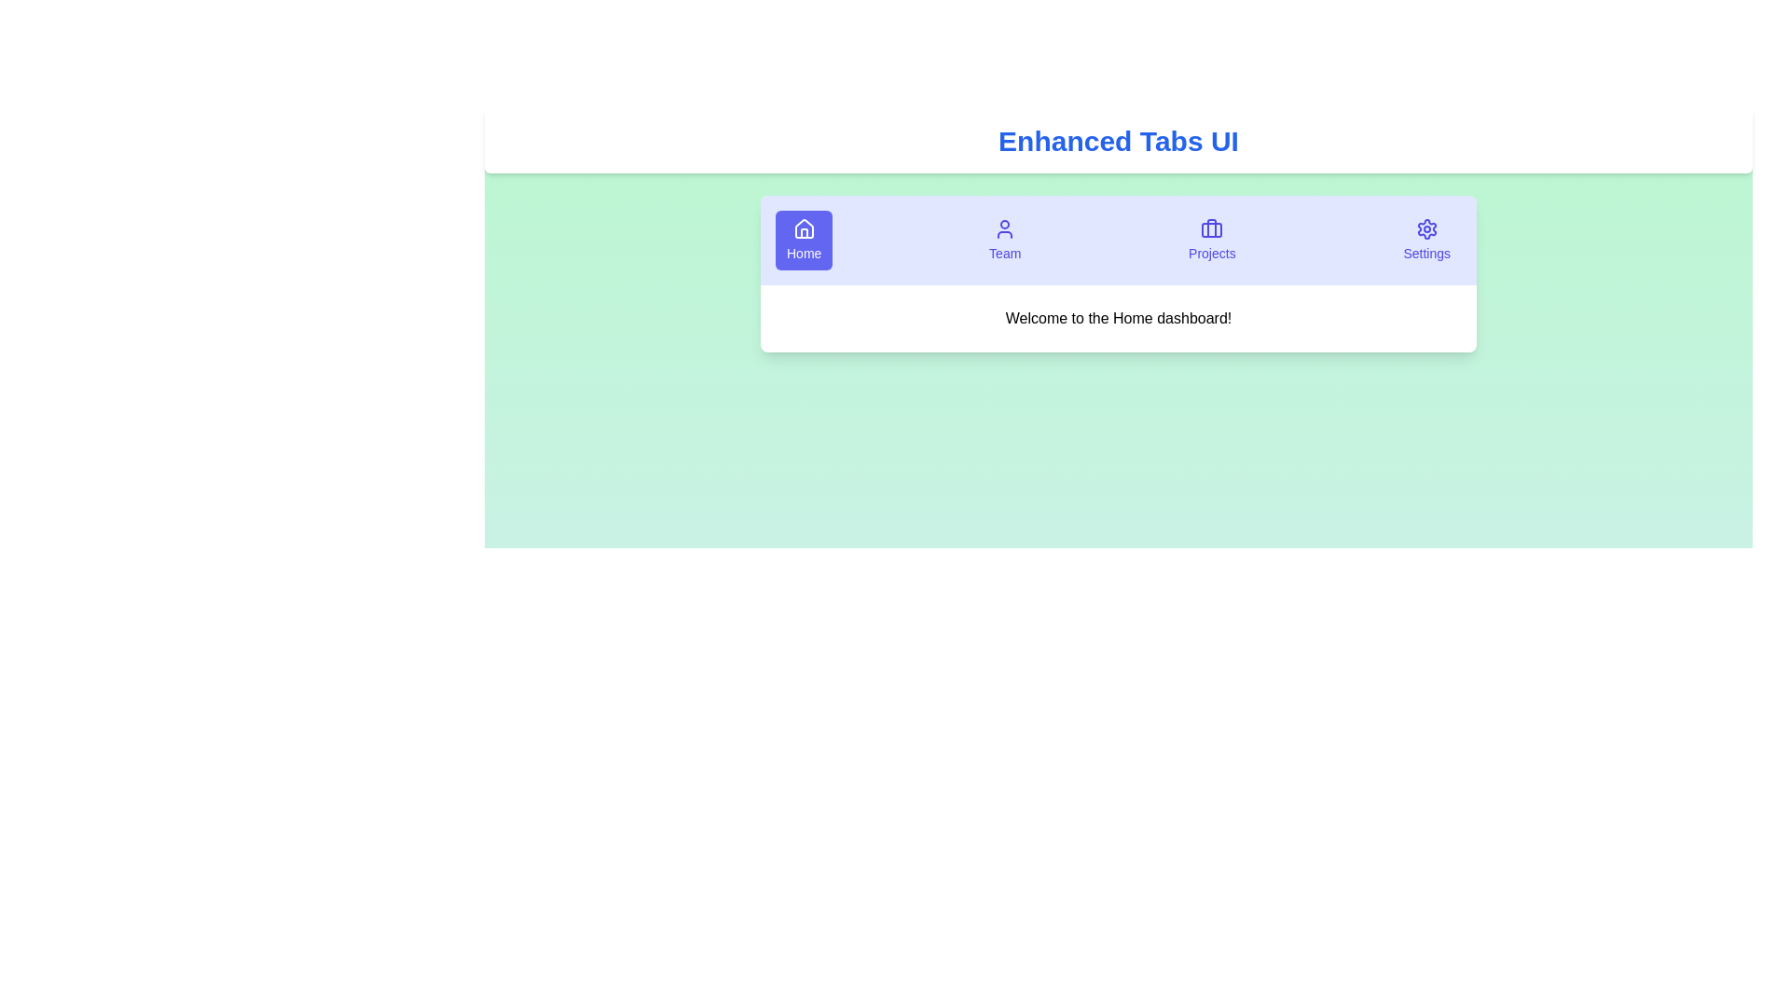 This screenshot has height=1007, width=1790. Describe the element at coordinates (804, 254) in the screenshot. I see `the 'Home' text label that indicates the button leading to the Home section of the application, positioned centrally below the house icon in the navigation bar` at that location.